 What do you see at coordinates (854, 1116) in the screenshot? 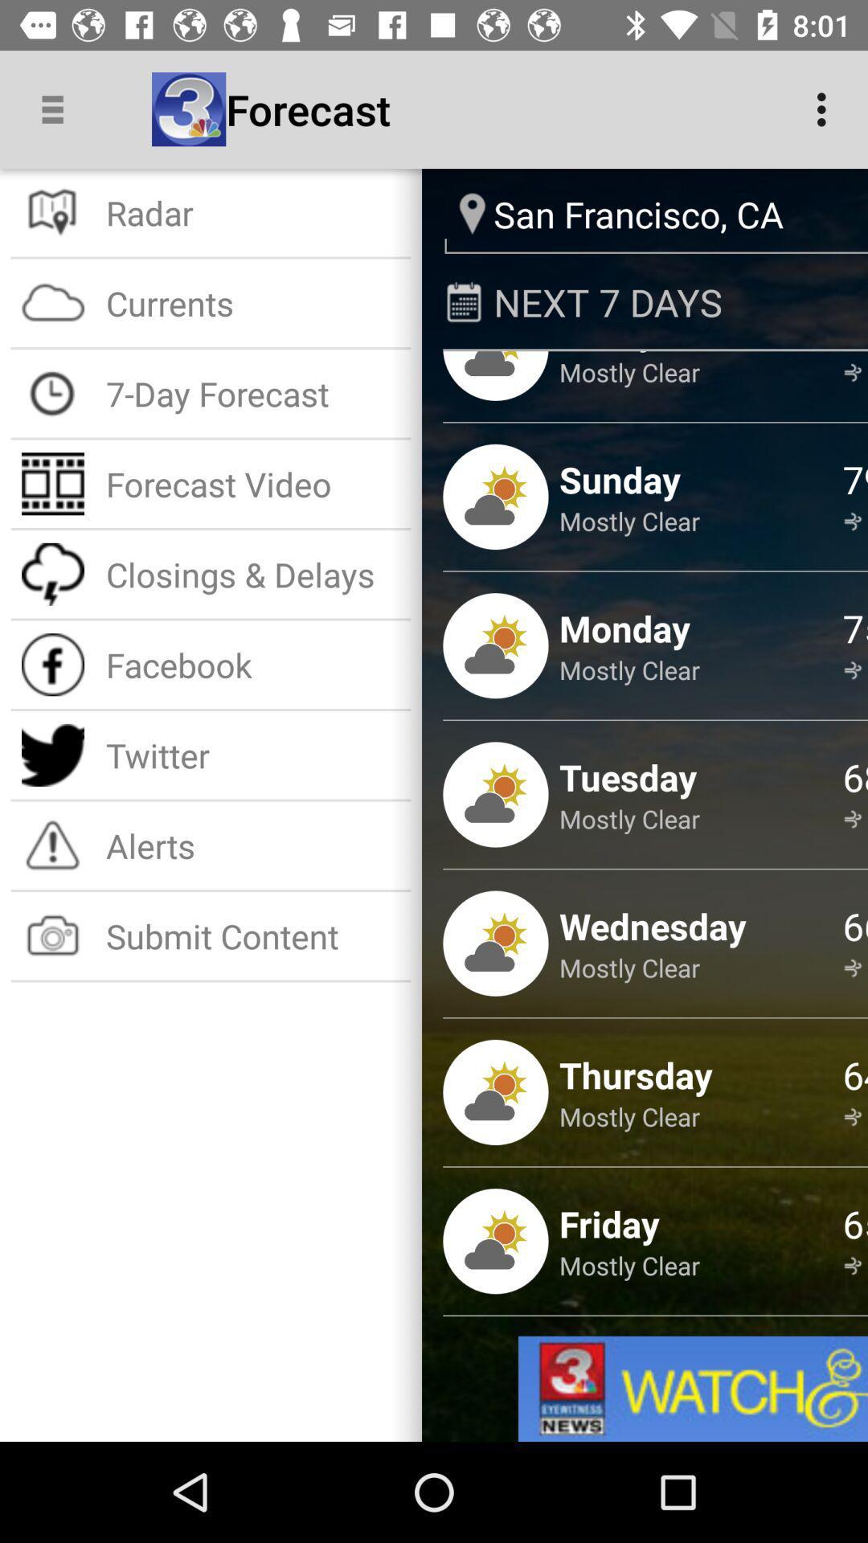
I see `14 mph ssw icon` at bounding box center [854, 1116].